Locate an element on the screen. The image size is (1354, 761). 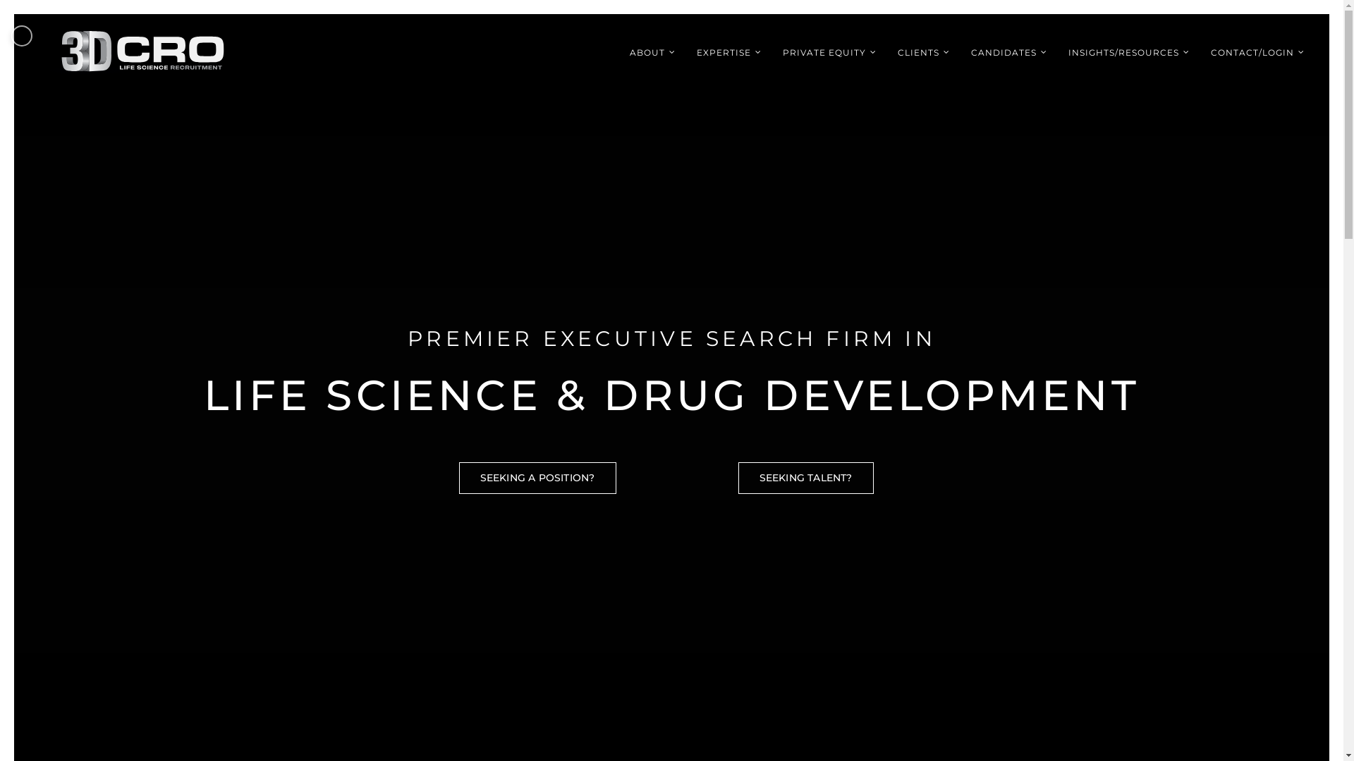
'SEEKING A POSITION?' is located at coordinates (536, 477).